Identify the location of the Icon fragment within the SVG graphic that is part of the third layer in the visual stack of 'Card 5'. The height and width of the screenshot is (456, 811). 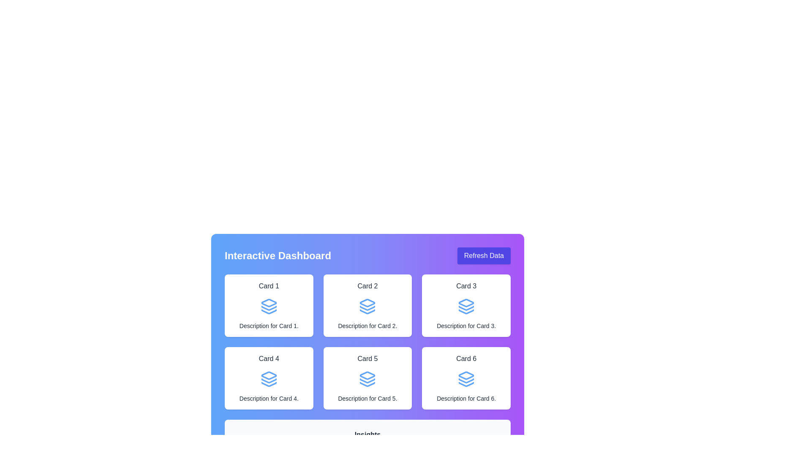
(367, 384).